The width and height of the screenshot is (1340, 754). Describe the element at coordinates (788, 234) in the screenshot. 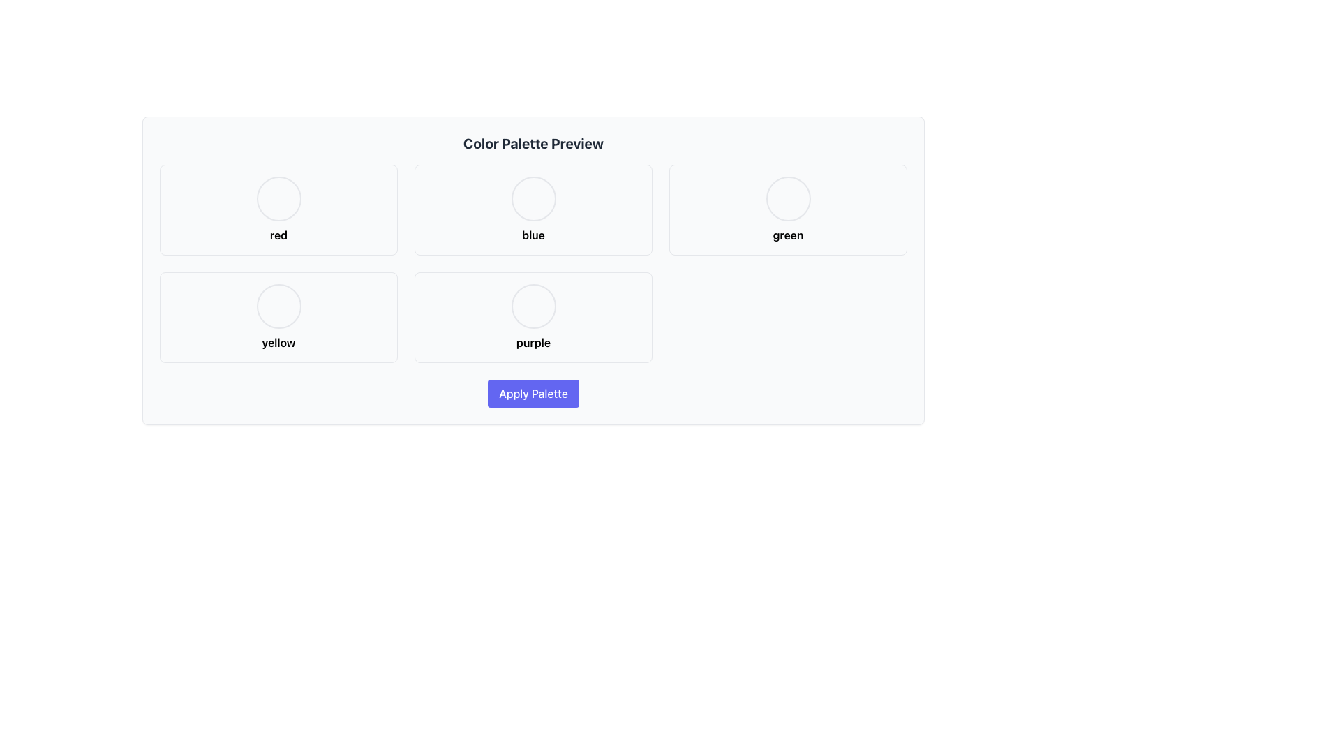

I see `the Text Label that represents the color green, located in the top-right cell of a 3x2 grid layout, below the circular green color icon` at that location.